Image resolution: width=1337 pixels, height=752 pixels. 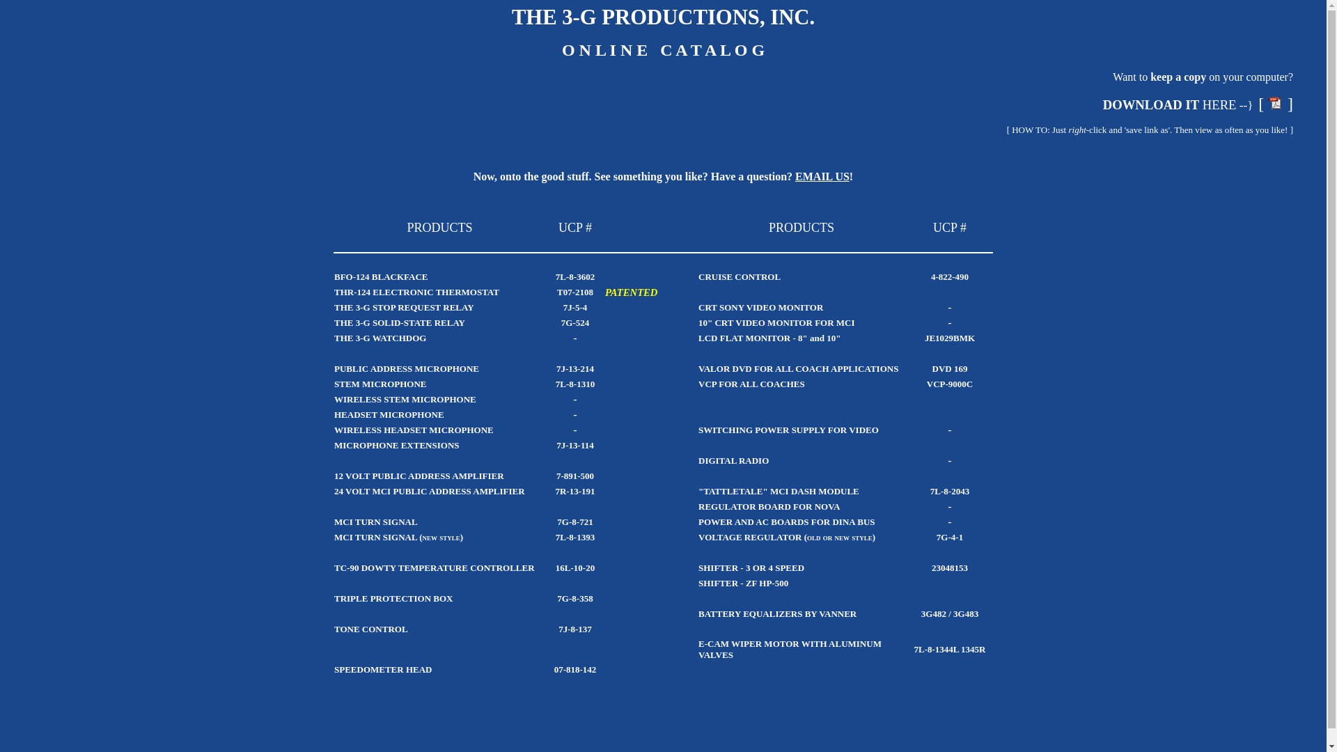 What do you see at coordinates (383, 668) in the screenshot?
I see `'SPEEDOMETER HEAD'` at bounding box center [383, 668].